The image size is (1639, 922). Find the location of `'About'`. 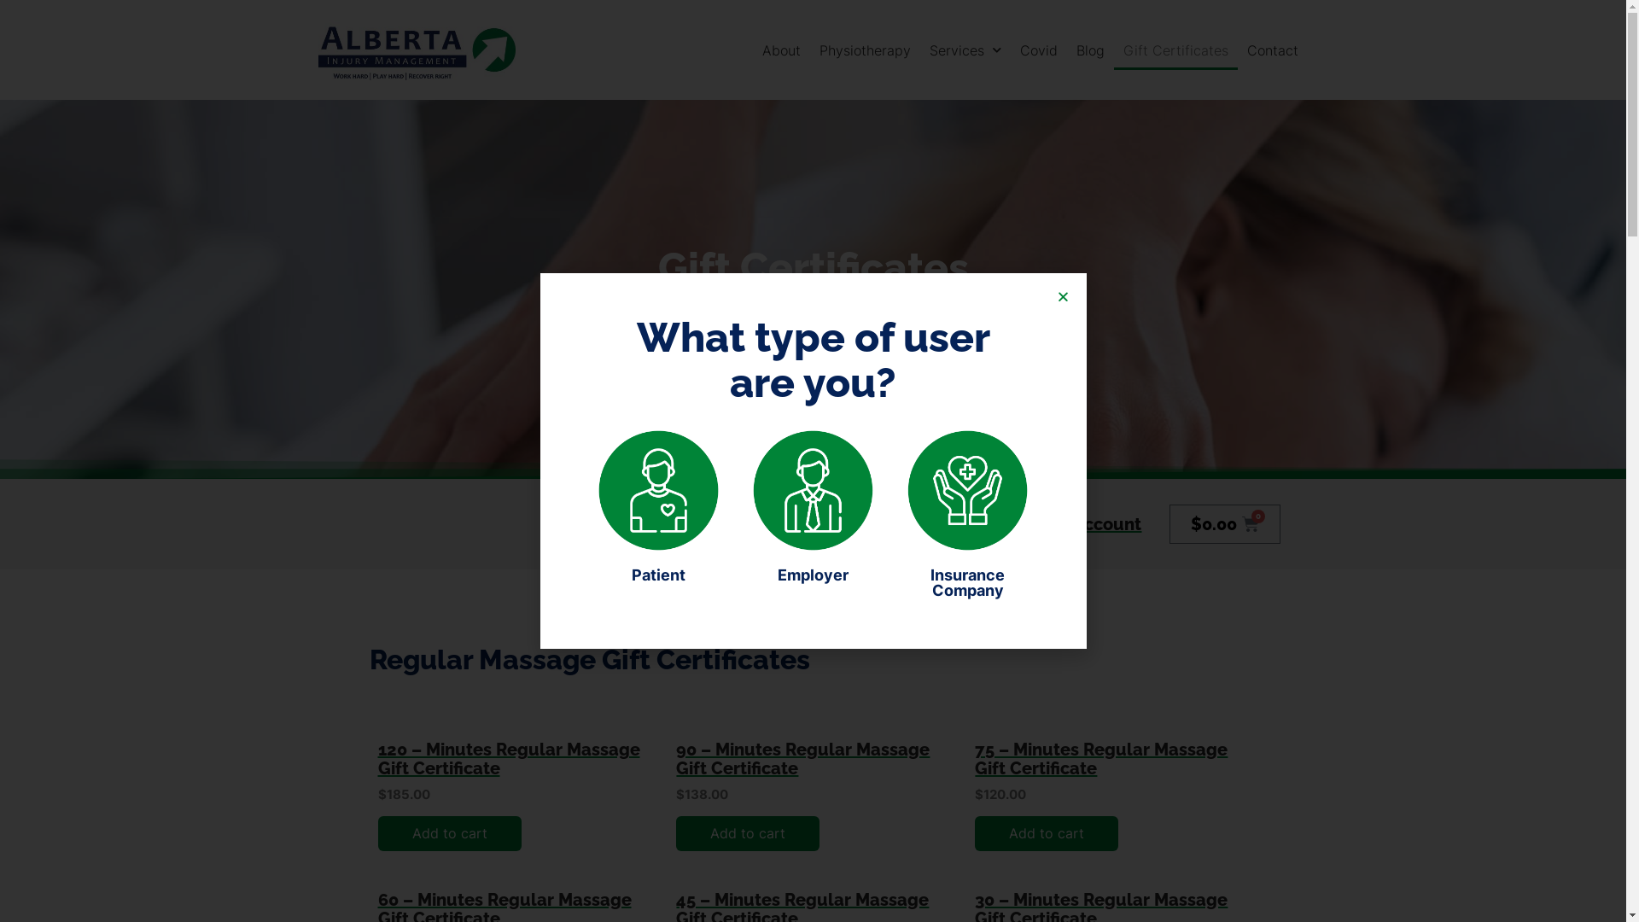

'About' is located at coordinates (780, 49).